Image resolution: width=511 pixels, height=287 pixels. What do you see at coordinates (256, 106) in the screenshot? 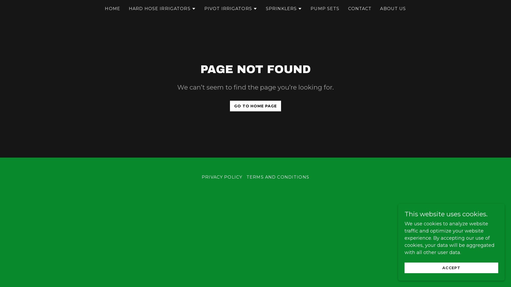
I see `'GO TO HOME PAGE'` at bounding box center [256, 106].